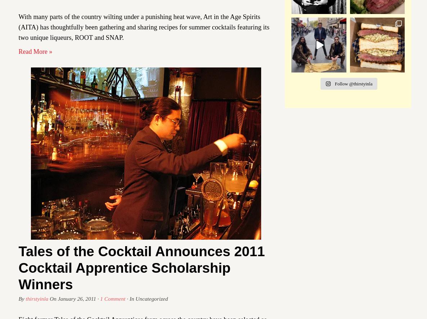 The height and width of the screenshot is (319, 427). Describe the element at coordinates (151, 298) in the screenshot. I see `'Uncategorized'` at that location.